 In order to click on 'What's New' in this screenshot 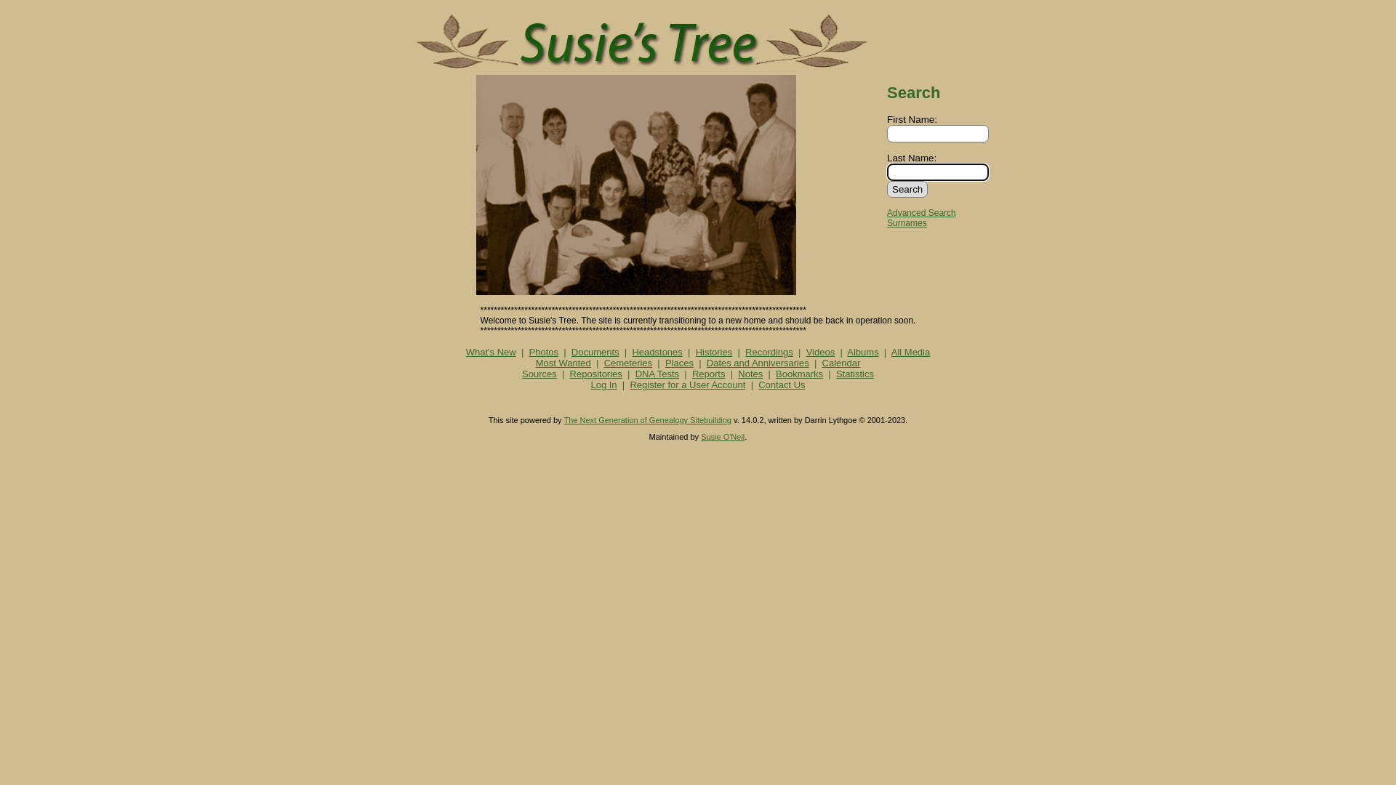, I will do `click(491, 352)`.